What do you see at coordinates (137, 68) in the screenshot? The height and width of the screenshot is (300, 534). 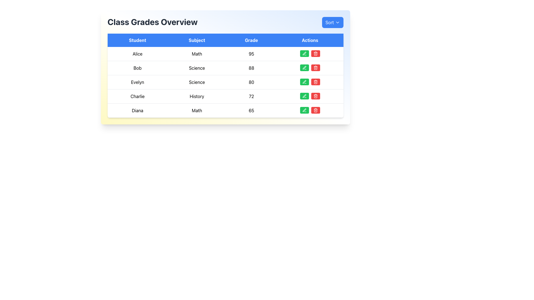 I see `the text displaying the name of a student in the first cell of the second row under the 'Student' heading` at bounding box center [137, 68].